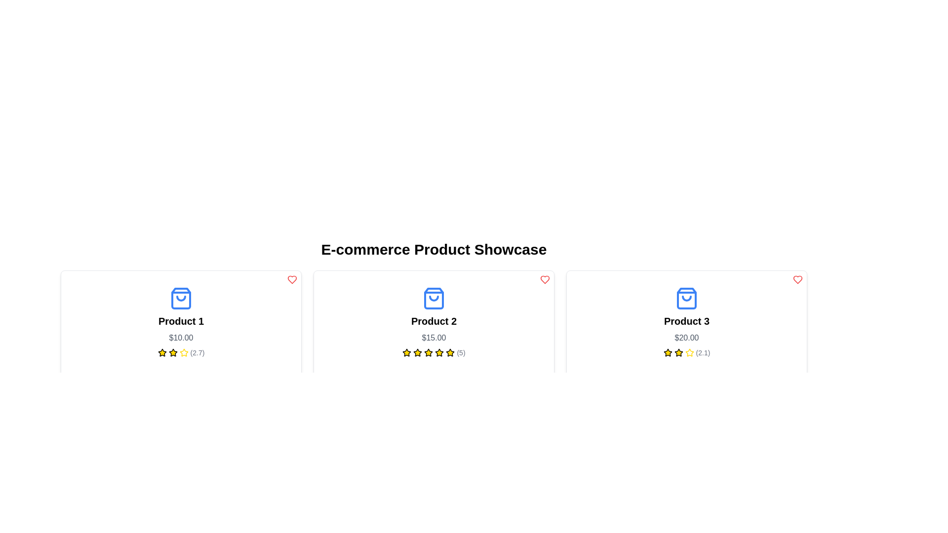  Describe the element at coordinates (181, 338) in the screenshot. I see `the static text element displaying the price '$10.00' in gray font, which is positioned beneath 'Product 1' and above the rating section` at that location.